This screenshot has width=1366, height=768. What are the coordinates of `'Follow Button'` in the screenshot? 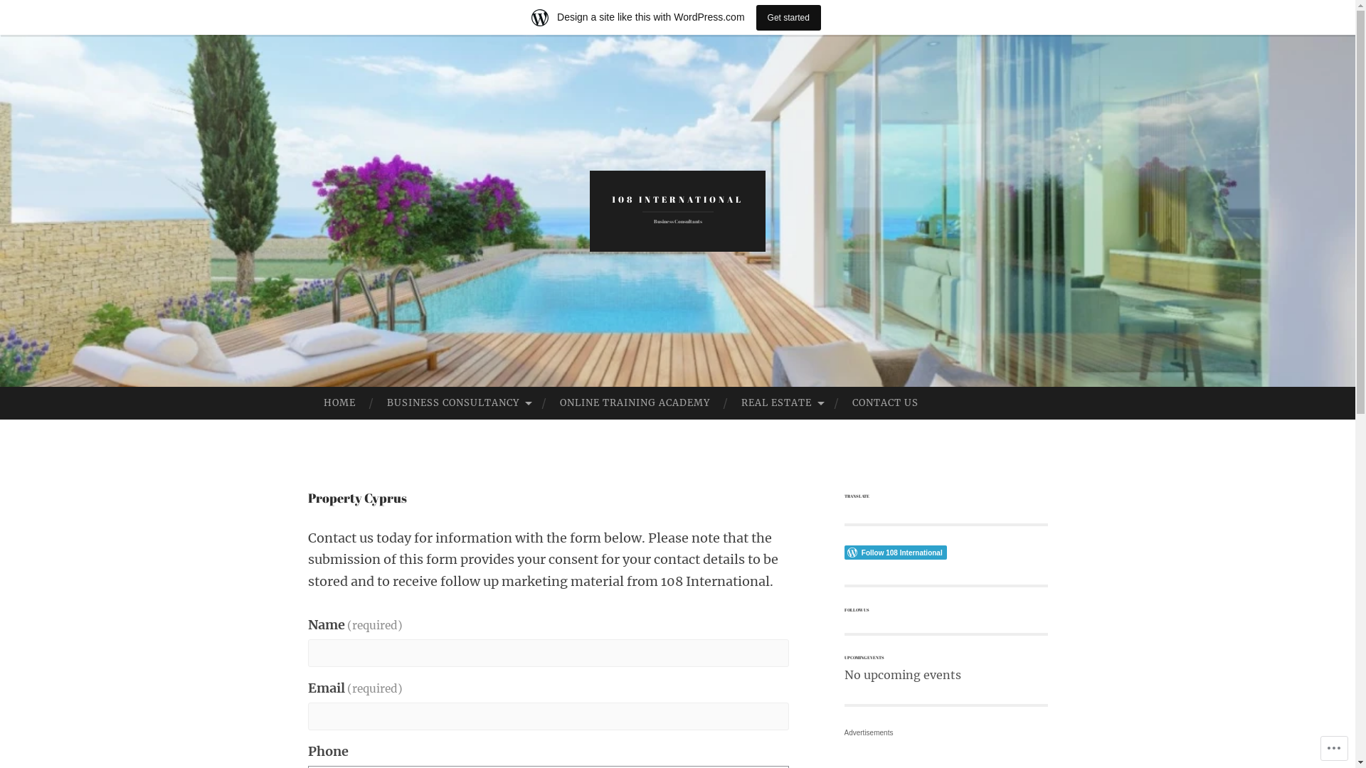 It's located at (946, 551).